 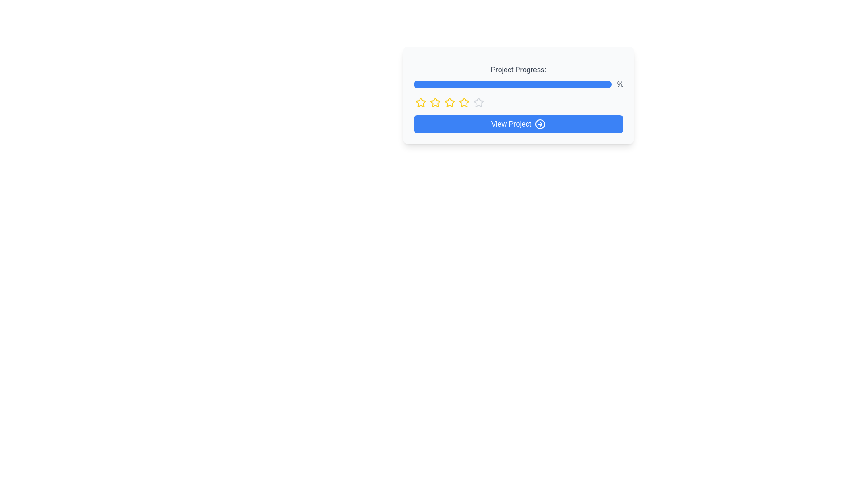 What do you see at coordinates (435, 102) in the screenshot?
I see `the third yellow star icon in the rating sequence` at bounding box center [435, 102].